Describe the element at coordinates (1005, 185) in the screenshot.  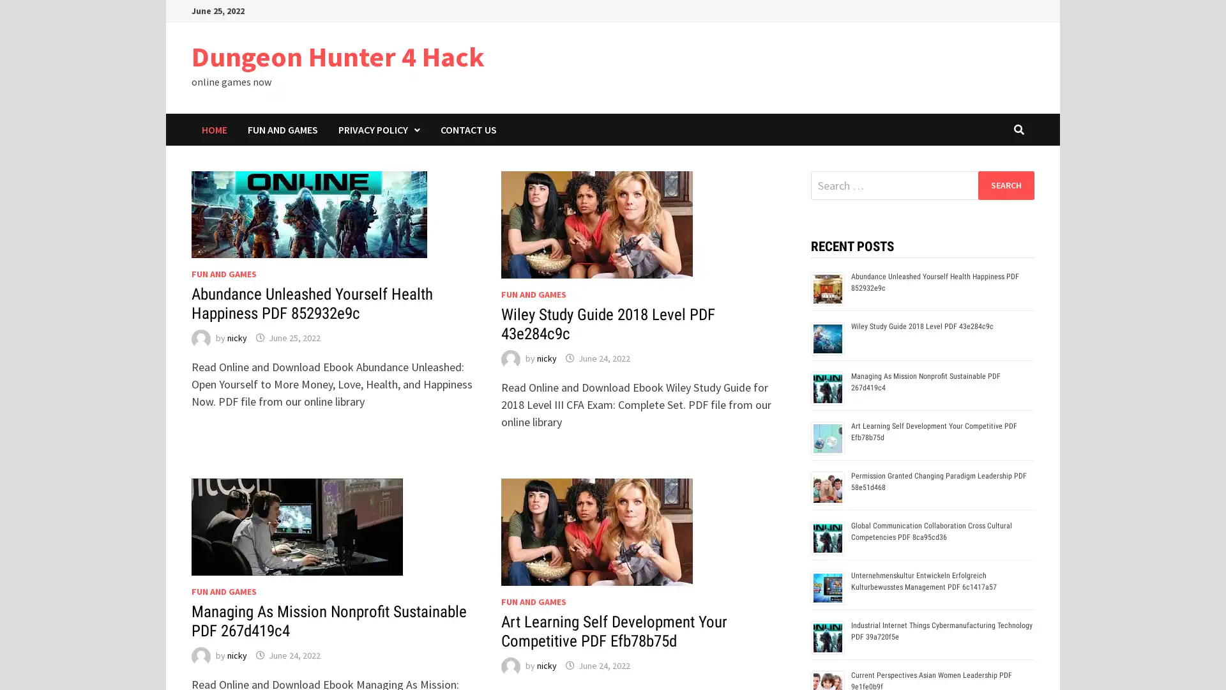
I see `Search` at that location.